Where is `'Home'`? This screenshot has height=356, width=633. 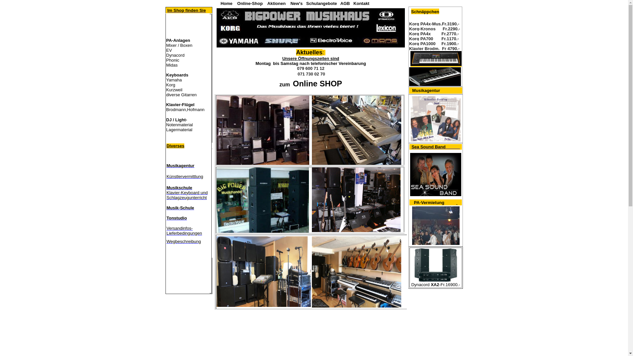 'Home' is located at coordinates (226, 3).